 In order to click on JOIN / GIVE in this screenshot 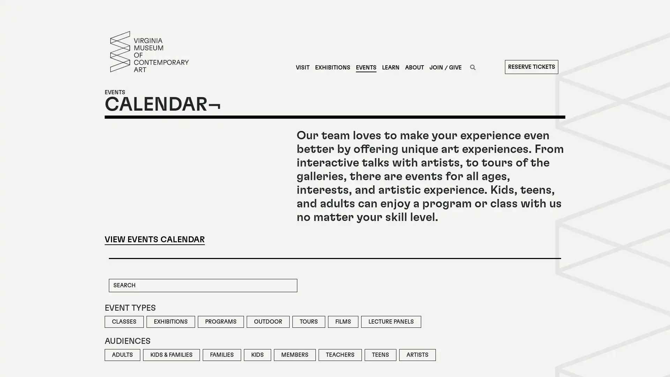, I will do `click(445, 67)`.